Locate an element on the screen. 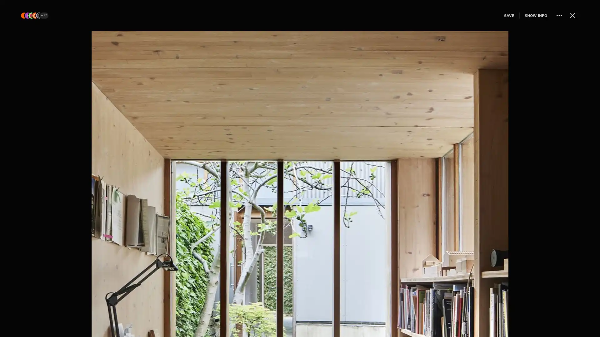 This screenshot has height=337, width=600. SAVE is located at coordinates (498, 15).